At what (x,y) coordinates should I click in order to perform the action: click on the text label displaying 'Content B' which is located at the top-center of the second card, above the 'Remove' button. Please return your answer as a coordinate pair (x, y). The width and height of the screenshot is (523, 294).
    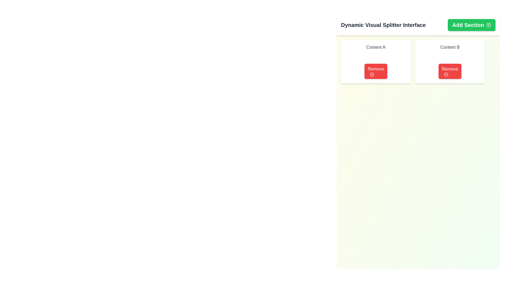
    Looking at the image, I should click on (450, 47).